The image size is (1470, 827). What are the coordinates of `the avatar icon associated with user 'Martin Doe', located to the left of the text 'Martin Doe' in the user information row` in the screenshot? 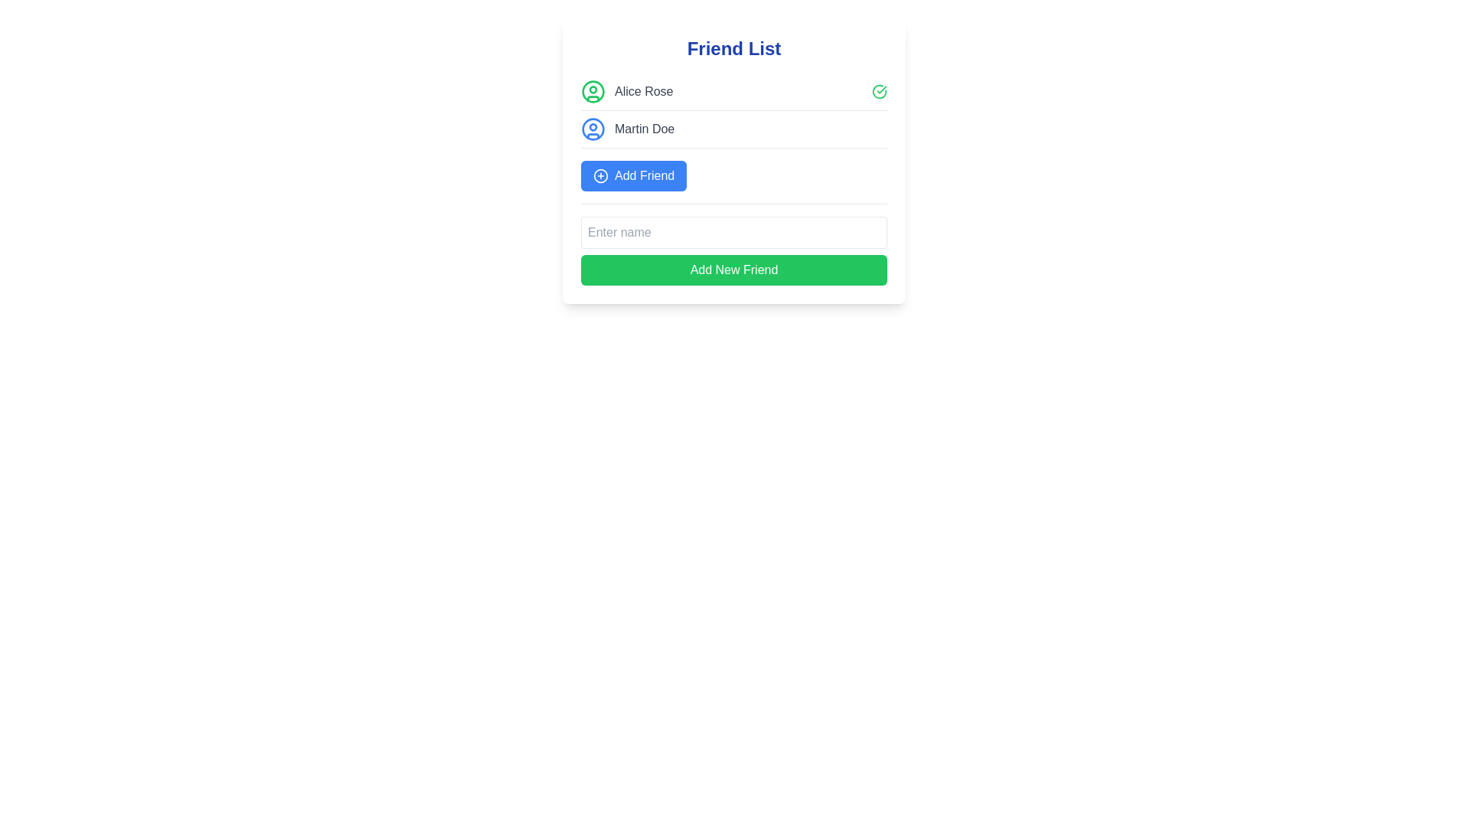 It's located at (592, 129).